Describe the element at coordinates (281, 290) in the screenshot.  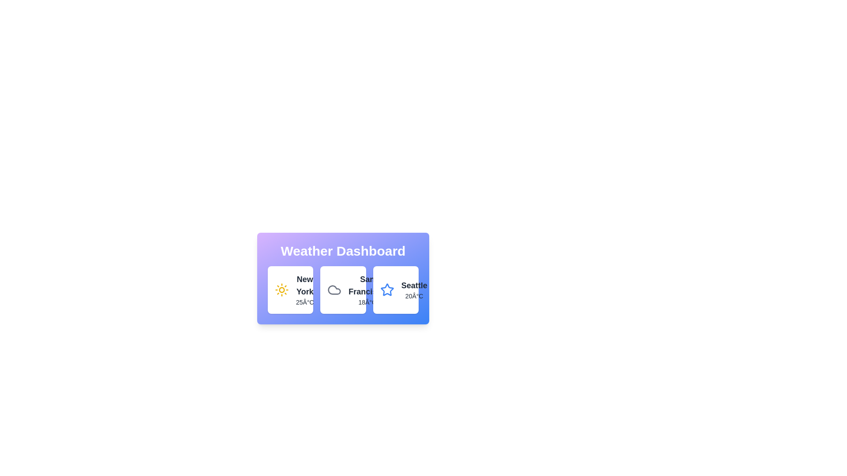
I see `the sunny weather icon representing New York in the weather dashboard section, which is the leftmost icon in the first card of a horizontal list` at that location.